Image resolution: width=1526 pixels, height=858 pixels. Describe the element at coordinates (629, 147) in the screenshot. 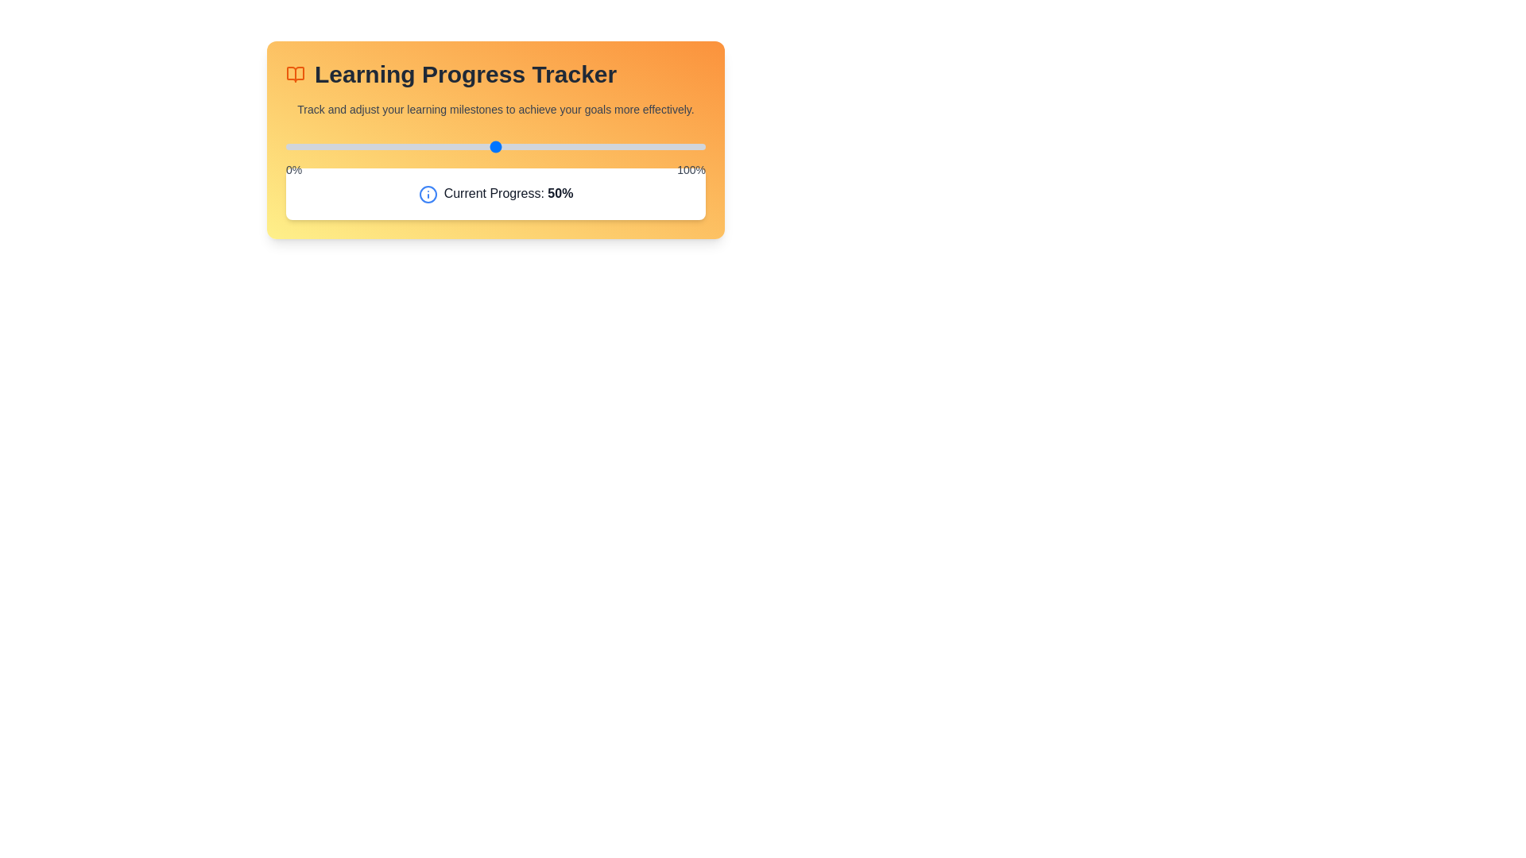

I see `the slider to set progress to 82%` at that location.